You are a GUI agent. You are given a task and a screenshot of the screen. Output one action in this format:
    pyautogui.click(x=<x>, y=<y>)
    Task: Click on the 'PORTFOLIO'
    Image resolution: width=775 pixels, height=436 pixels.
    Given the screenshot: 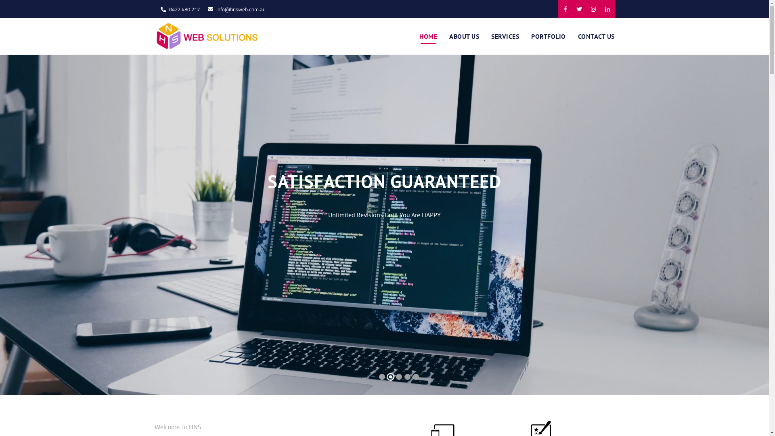 What is the action you would take?
    pyautogui.click(x=548, y=36)
    